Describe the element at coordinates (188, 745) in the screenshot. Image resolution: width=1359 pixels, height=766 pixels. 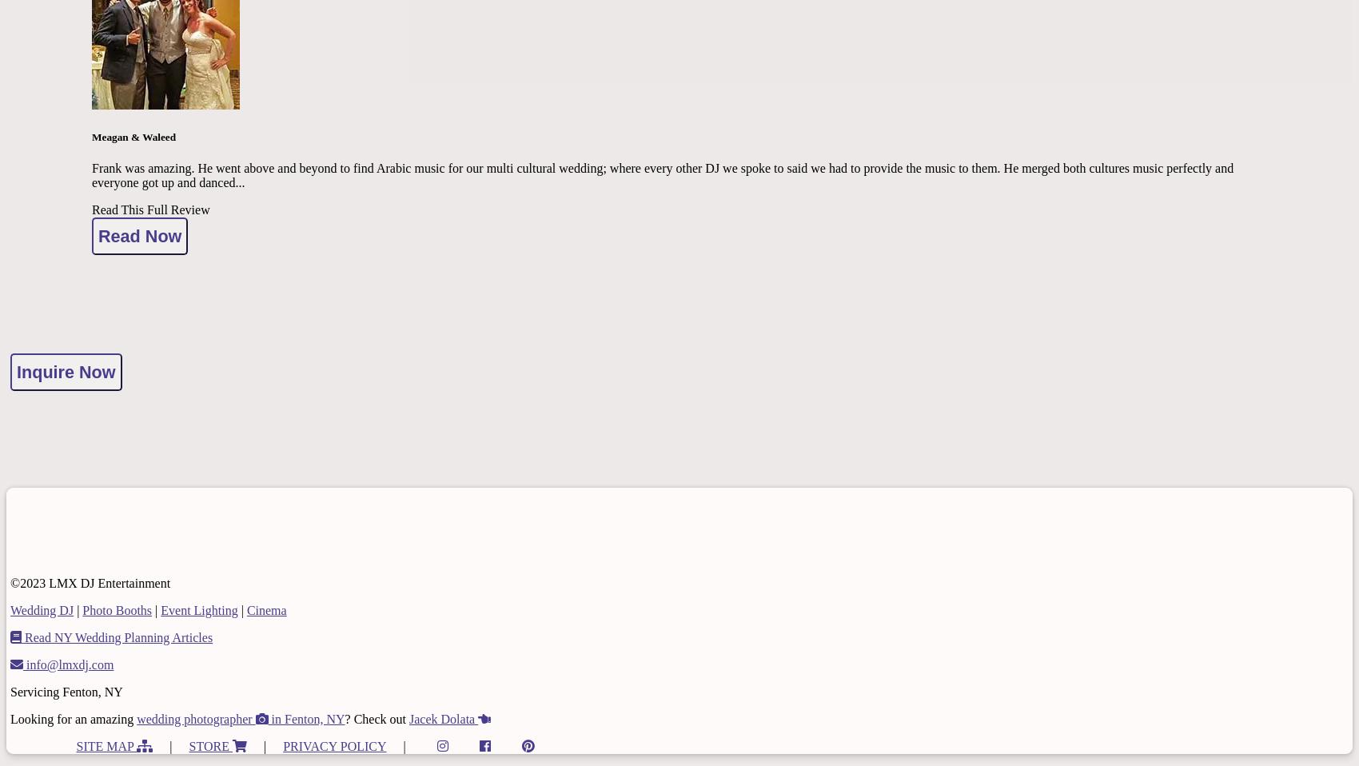
I see `'Store'` at that location.